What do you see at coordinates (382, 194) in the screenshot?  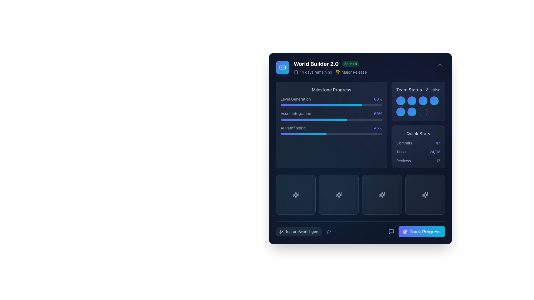 I see `the third icon from the left in the lower panel of the interface, which is designed with sparkles and likely represents features like 'favorites' or 'highlight special'` at bounding box center [382, 194].